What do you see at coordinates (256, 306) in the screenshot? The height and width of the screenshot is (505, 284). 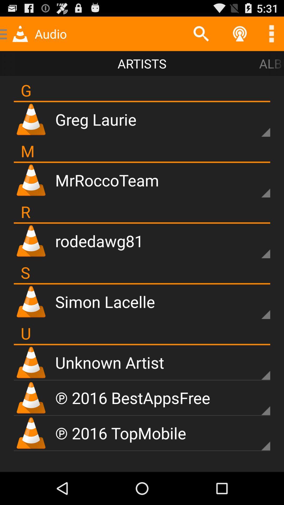 I see `options` at bounding box center [256, 306].